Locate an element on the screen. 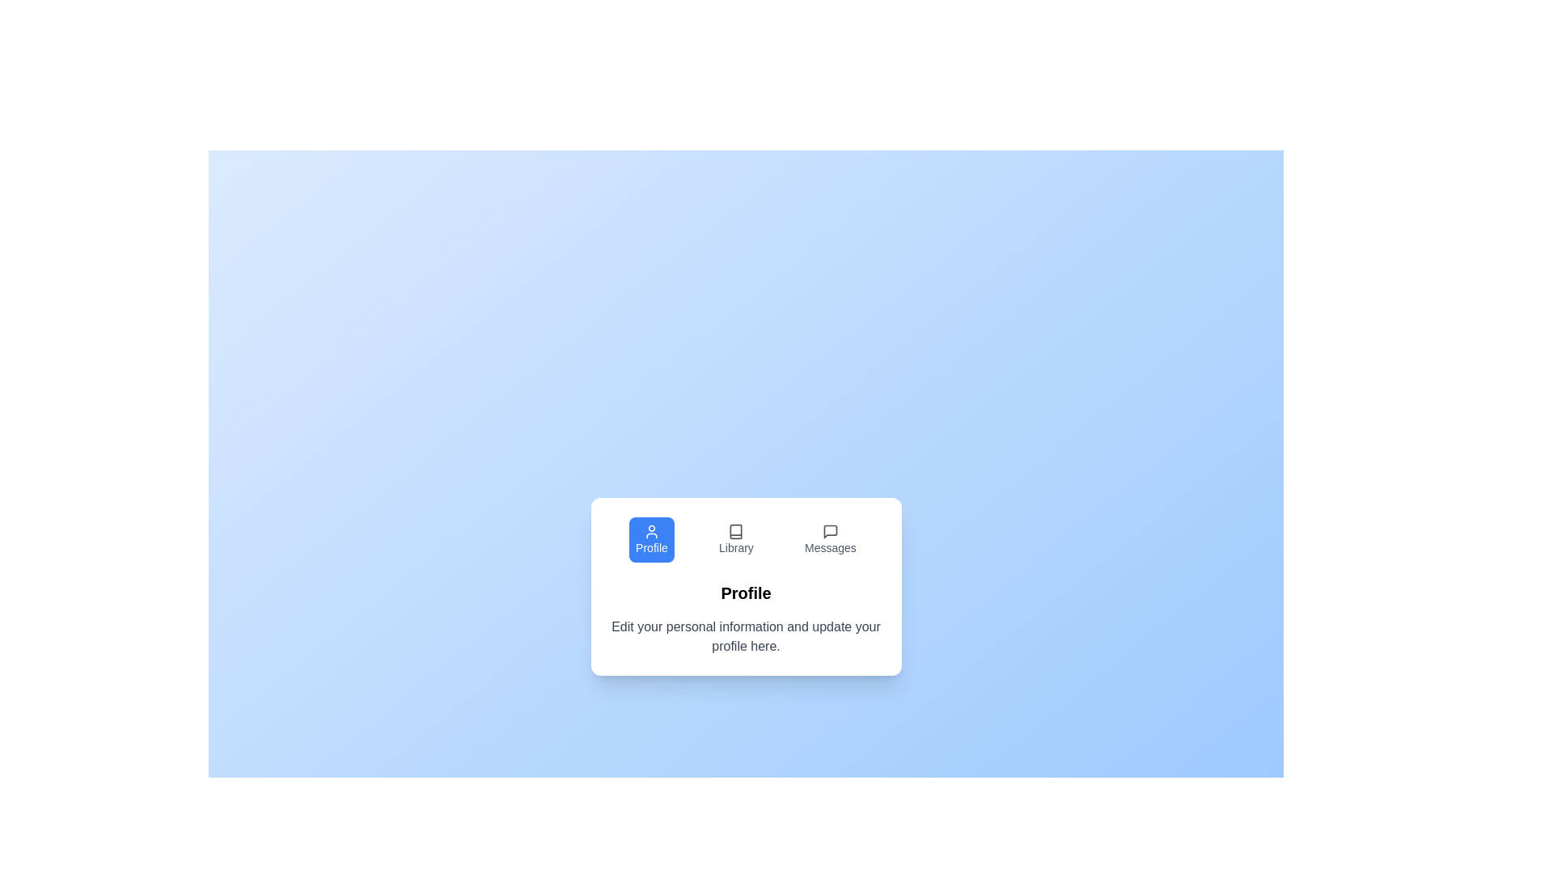 This screenshot has height=873, width=1553. the Library tab is located at coordinates (735, 539).